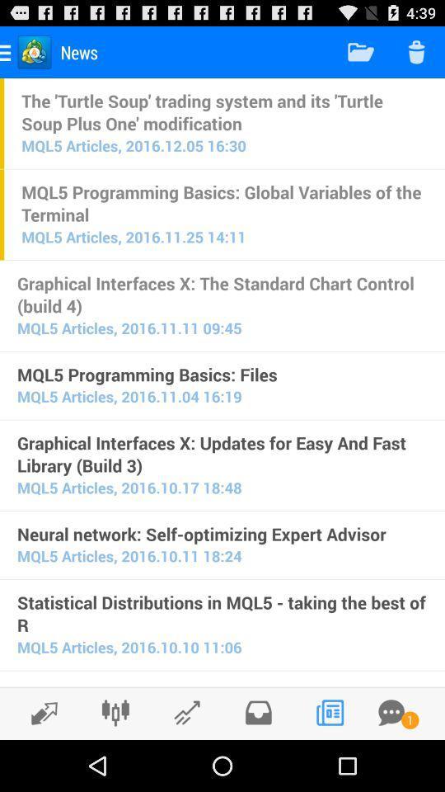  What do you see at coordinates (222, 533) in the screenshot?
I see `the item above the mql5 articles 2016 item` at bounding box center [222, 533].